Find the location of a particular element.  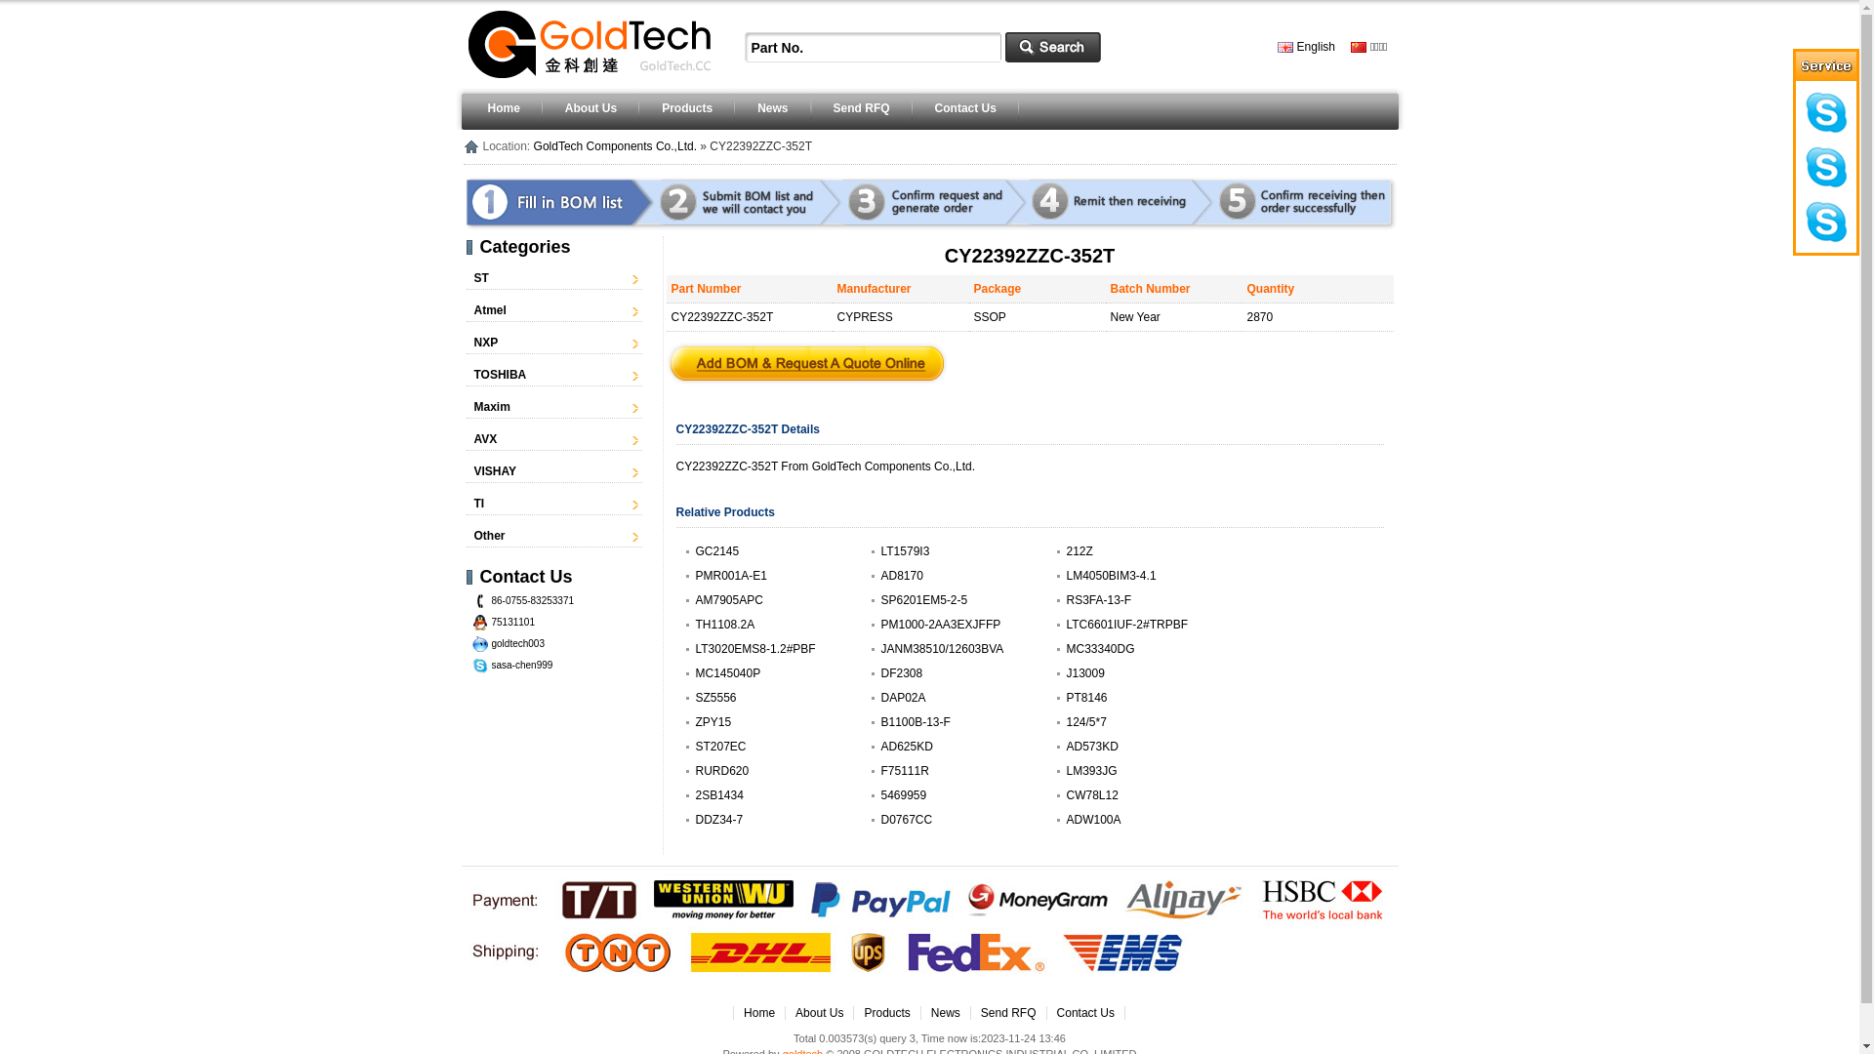

'News' is located at coordinates (946, 1011).